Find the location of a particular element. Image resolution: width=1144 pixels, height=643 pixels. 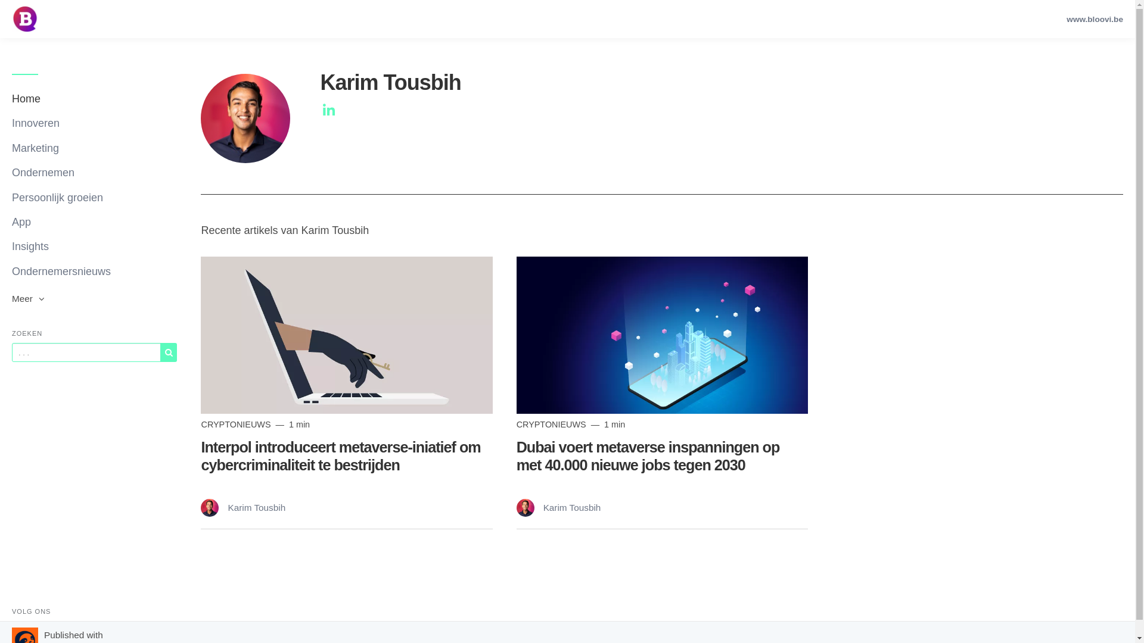

'www.bloovi.be' is located at coordinates (1095, 18).